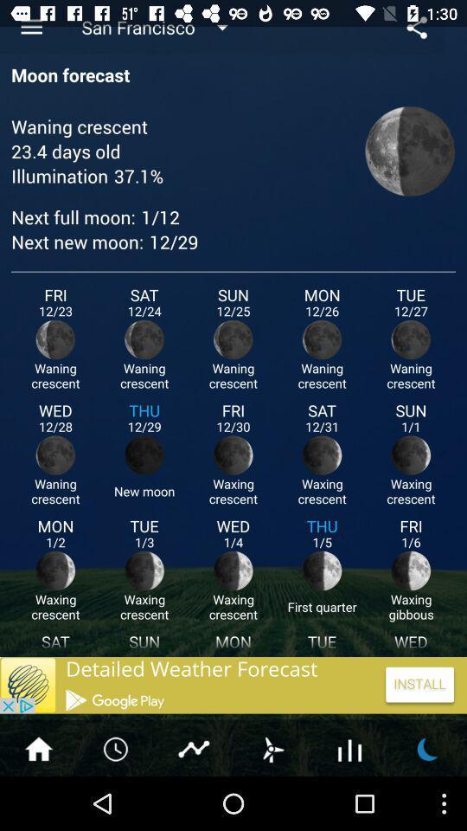  What do you see at coordinates (117, 801) in the screenshot?
I see `the time icon` at bounding box center [117, 801].